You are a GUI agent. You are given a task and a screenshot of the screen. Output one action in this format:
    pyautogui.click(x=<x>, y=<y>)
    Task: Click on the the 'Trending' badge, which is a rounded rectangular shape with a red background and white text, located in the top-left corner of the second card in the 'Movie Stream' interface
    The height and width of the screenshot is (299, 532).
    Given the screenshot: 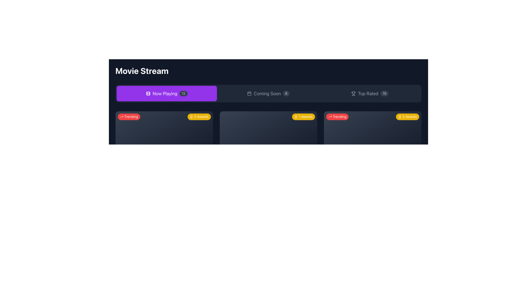 What is the action you would take?
    pyautogui.click(x=337, y=116)
    